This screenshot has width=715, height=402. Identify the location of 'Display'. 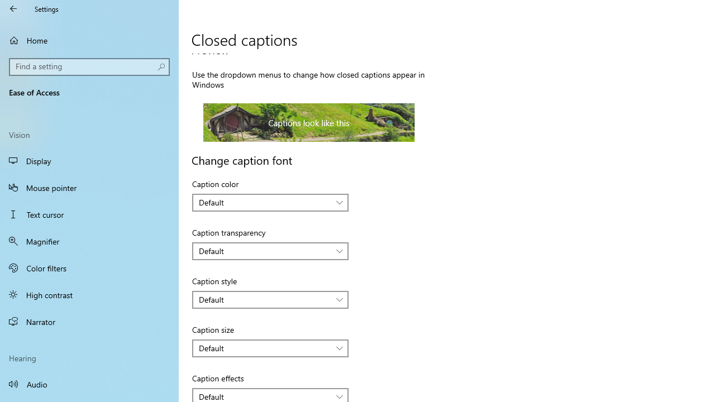
(89, 161).